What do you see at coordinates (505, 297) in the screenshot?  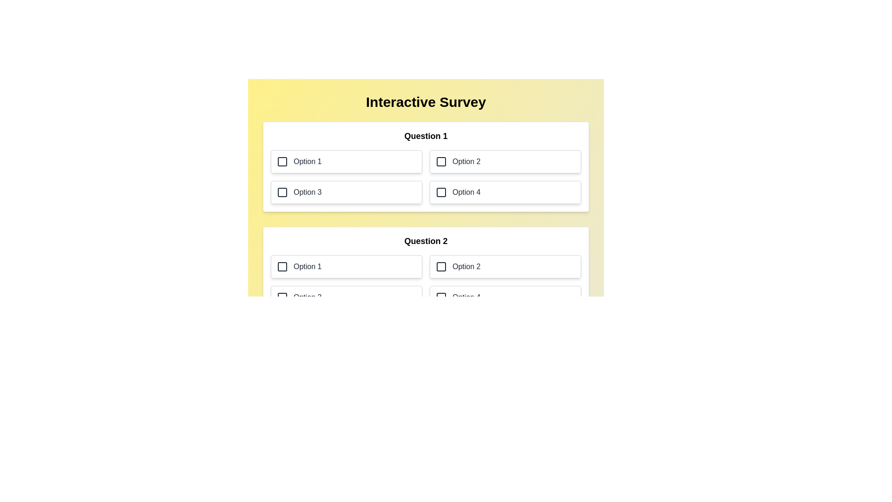 I see `the option 4 for question 2` at bounding box center [505, 297].